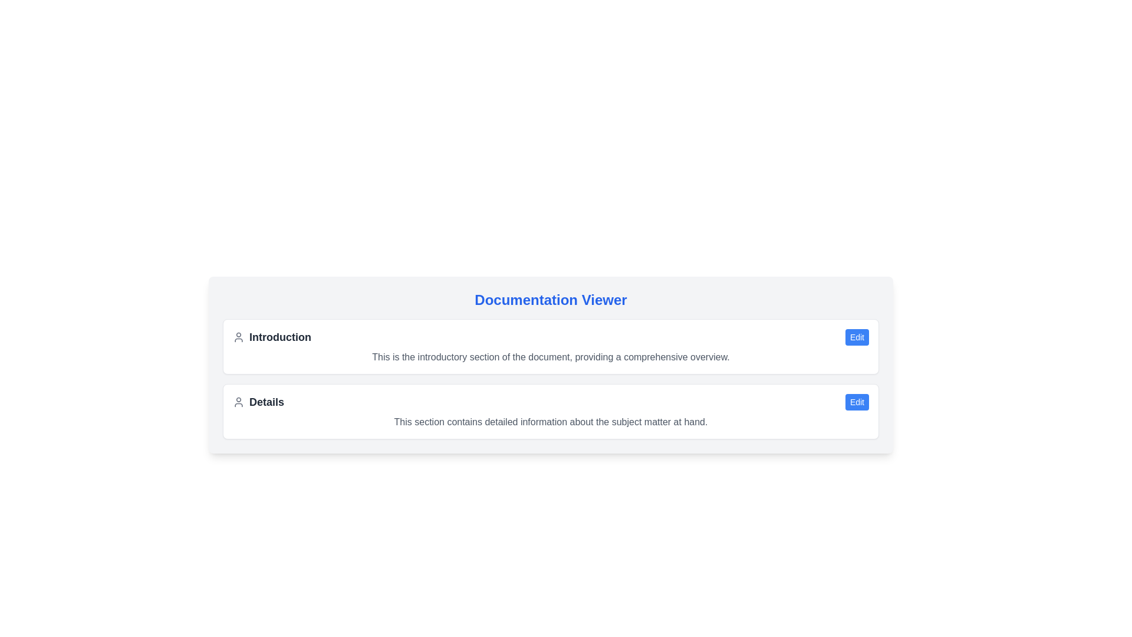 The width and height of the screenshot is (1132, 637). What do you see at coordinates (550, 402) in the screenshot?
I see `the 'Details' section which contains the title and 'Edit' button to enable keyboard navigation` at bounding box center [550, 402].